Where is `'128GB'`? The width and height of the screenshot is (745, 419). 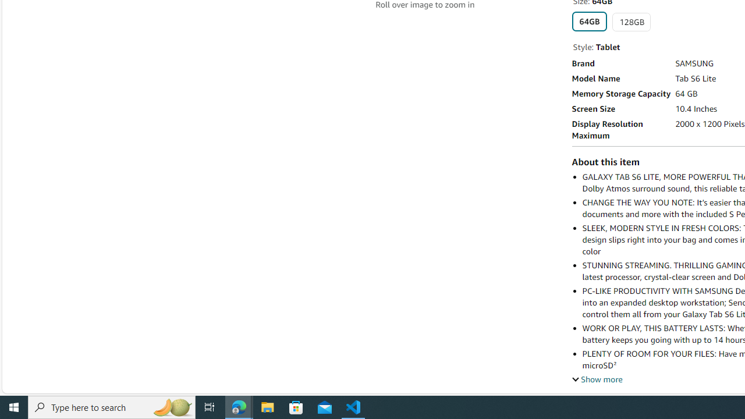 '128GB' is located at coordinates (631, 22).